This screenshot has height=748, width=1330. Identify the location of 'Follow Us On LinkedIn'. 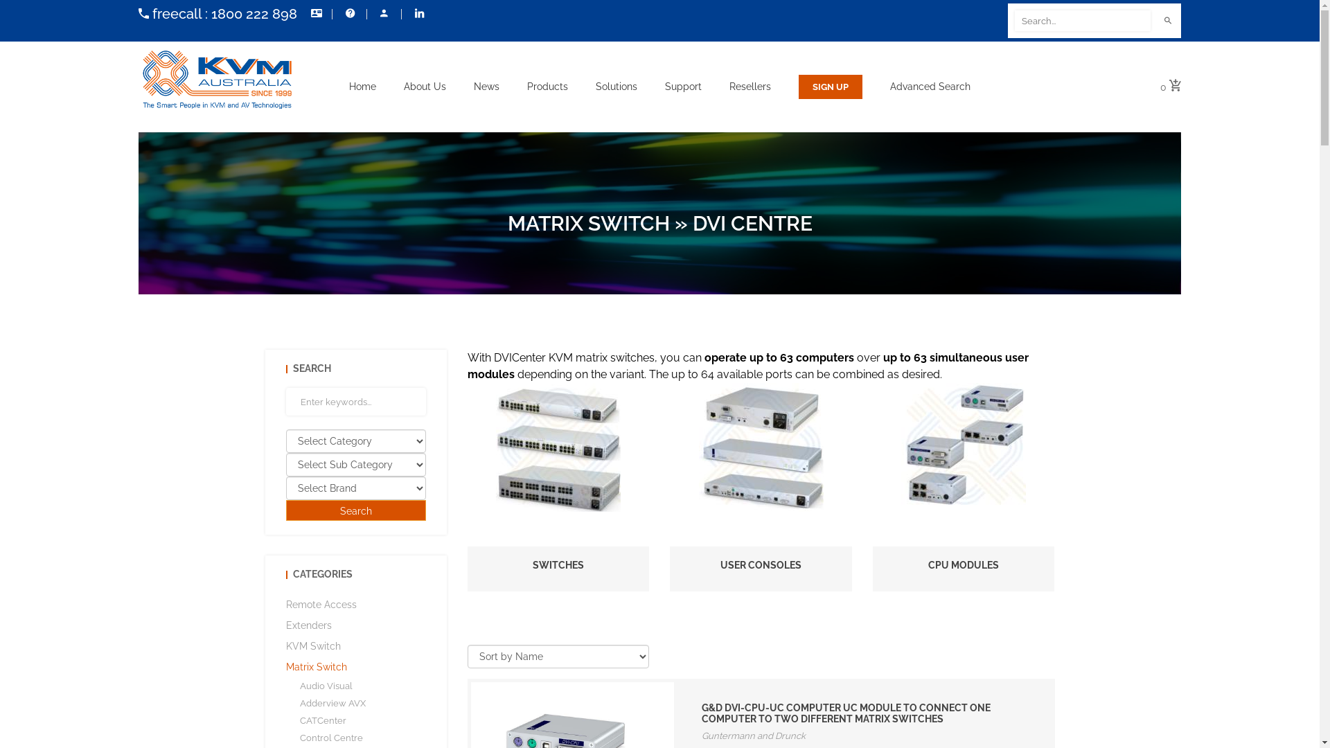
(418, 13).